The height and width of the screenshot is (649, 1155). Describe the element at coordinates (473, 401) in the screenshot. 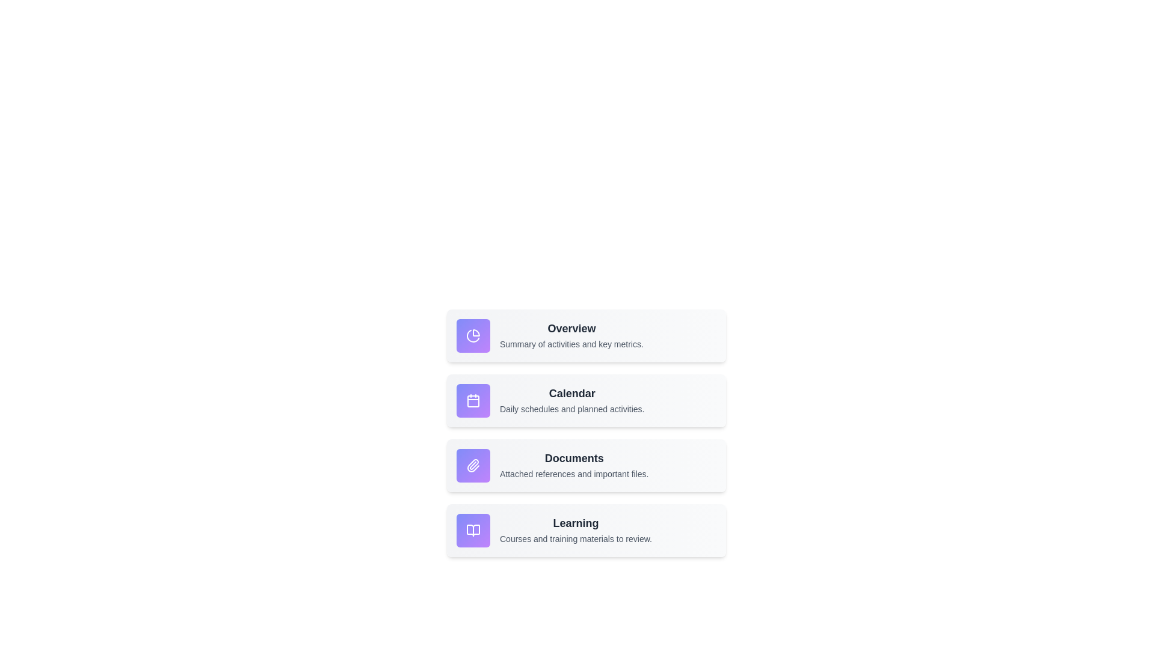

I see `the functionality of the icon corresponding to Calendar` at that location.